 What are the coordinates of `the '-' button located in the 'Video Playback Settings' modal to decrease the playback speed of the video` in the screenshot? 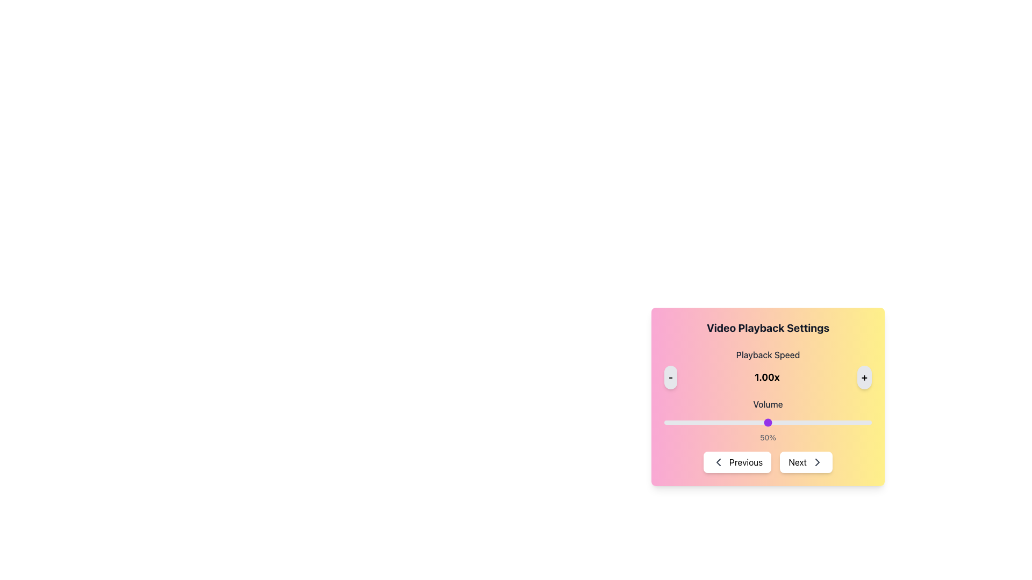 It's located at (670, 376).